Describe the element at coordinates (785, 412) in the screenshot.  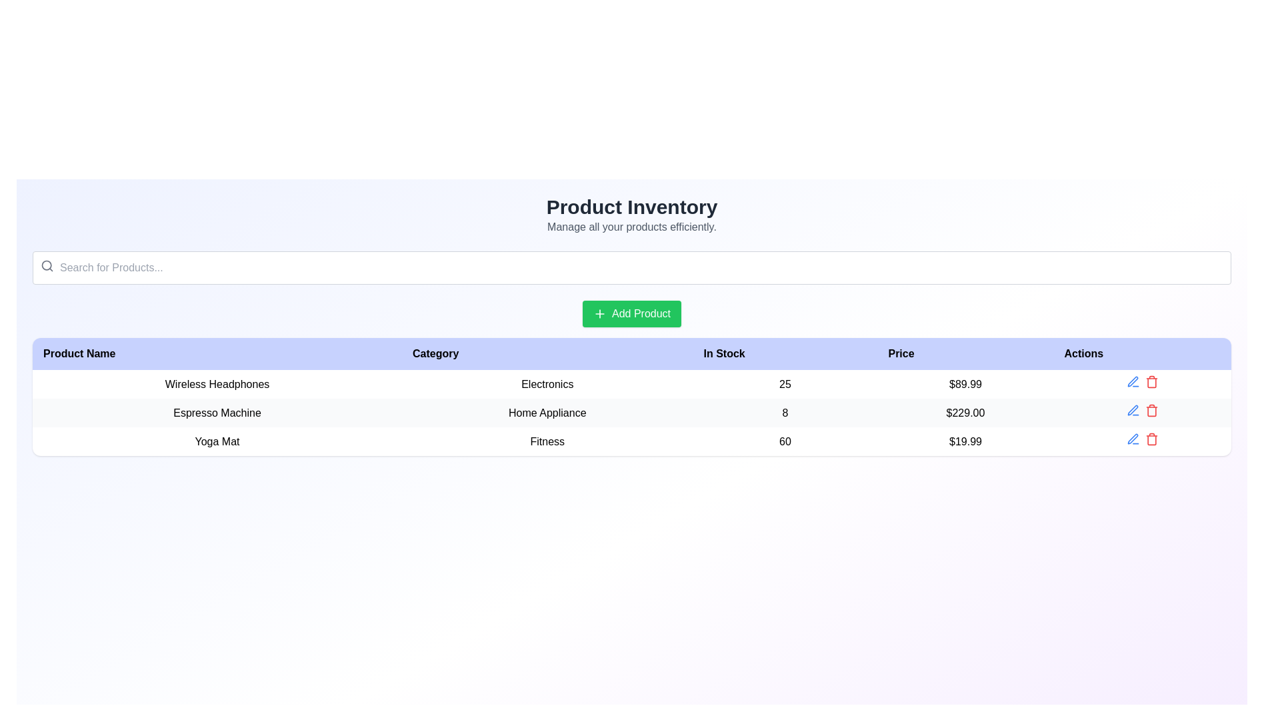
I see `the Text Label displaying the number '8' in the 'In Stock' column of the 'Espresso Machine' row` at that location.